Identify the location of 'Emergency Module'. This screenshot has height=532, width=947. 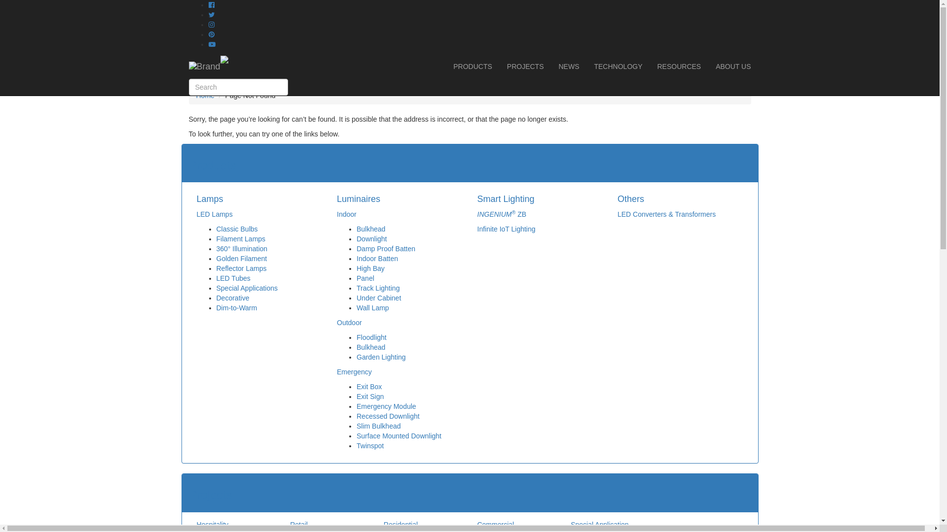
(386, 406).